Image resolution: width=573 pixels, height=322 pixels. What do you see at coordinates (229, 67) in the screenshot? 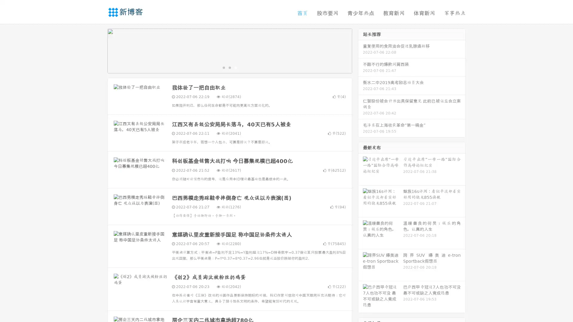
I see `Go to slide 2` at bounding box center [229, 67].